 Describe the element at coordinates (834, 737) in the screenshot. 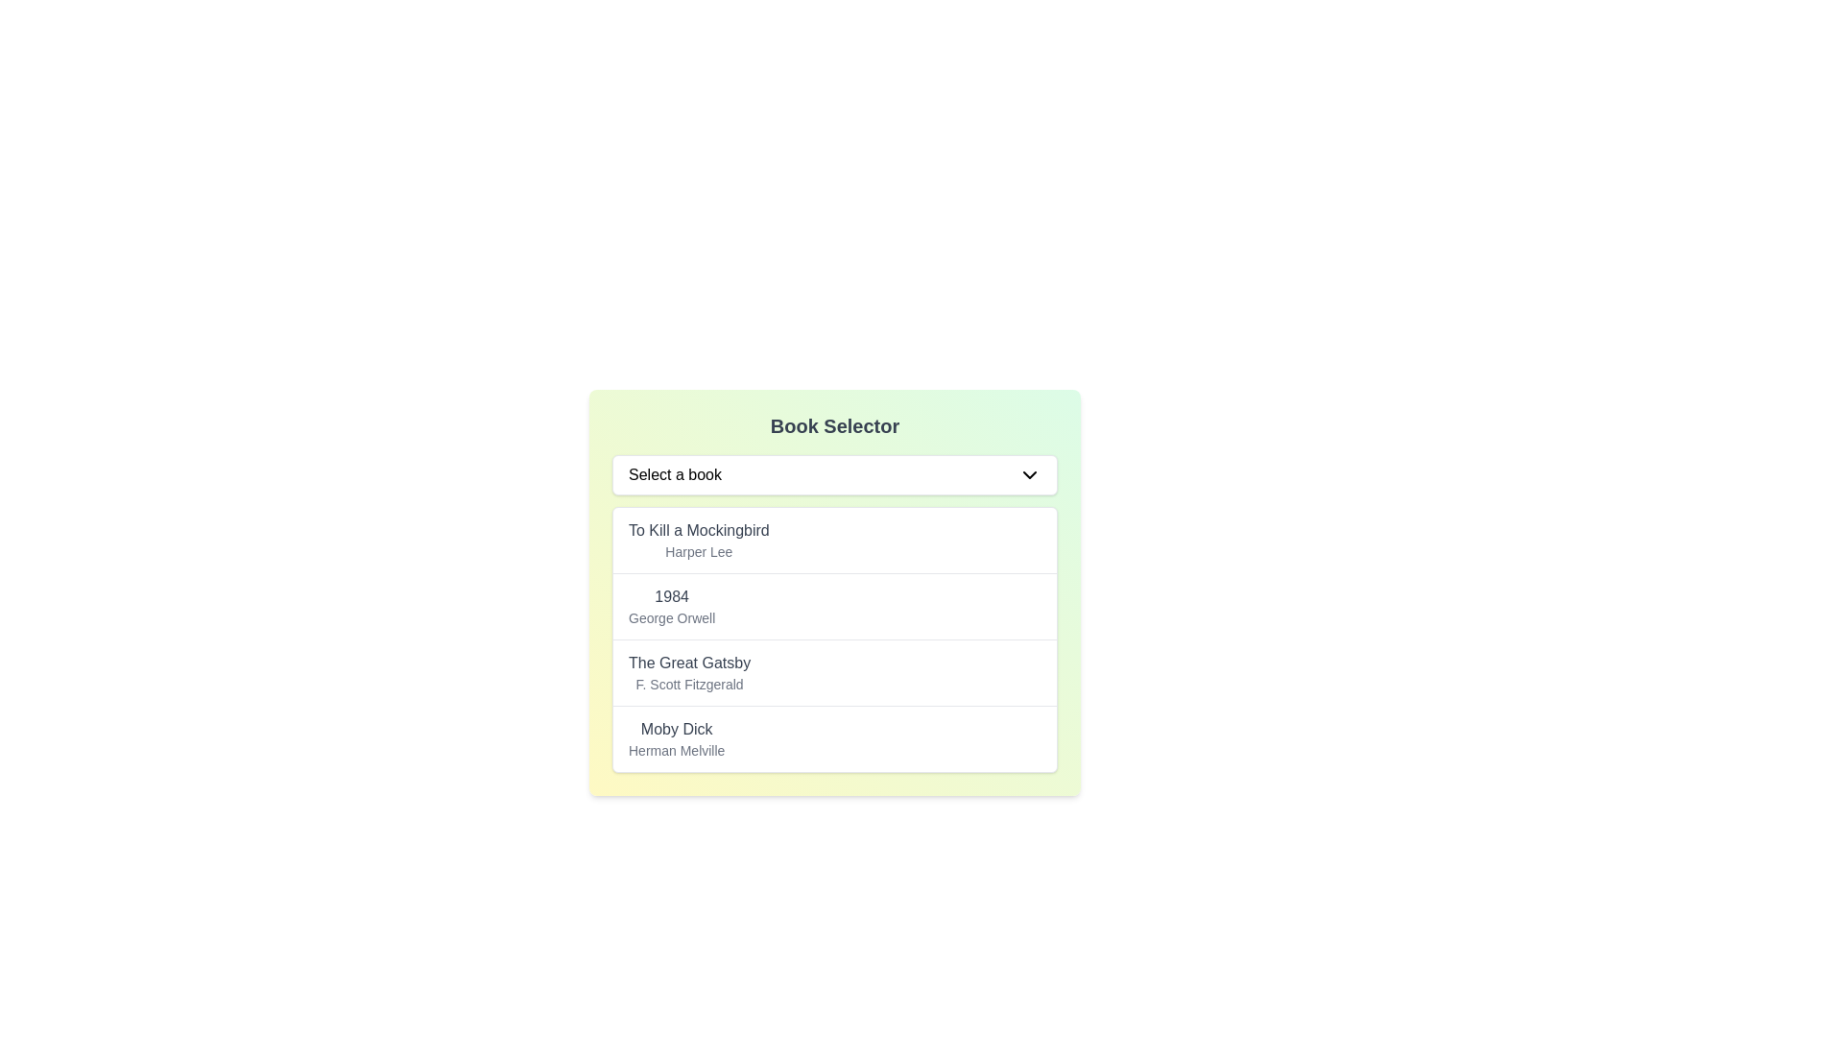

I see `to select the book titled 'Moby Dick' by Herman Melville, which is the last item in the dropdown menu under 'Book Selector'` at that location.